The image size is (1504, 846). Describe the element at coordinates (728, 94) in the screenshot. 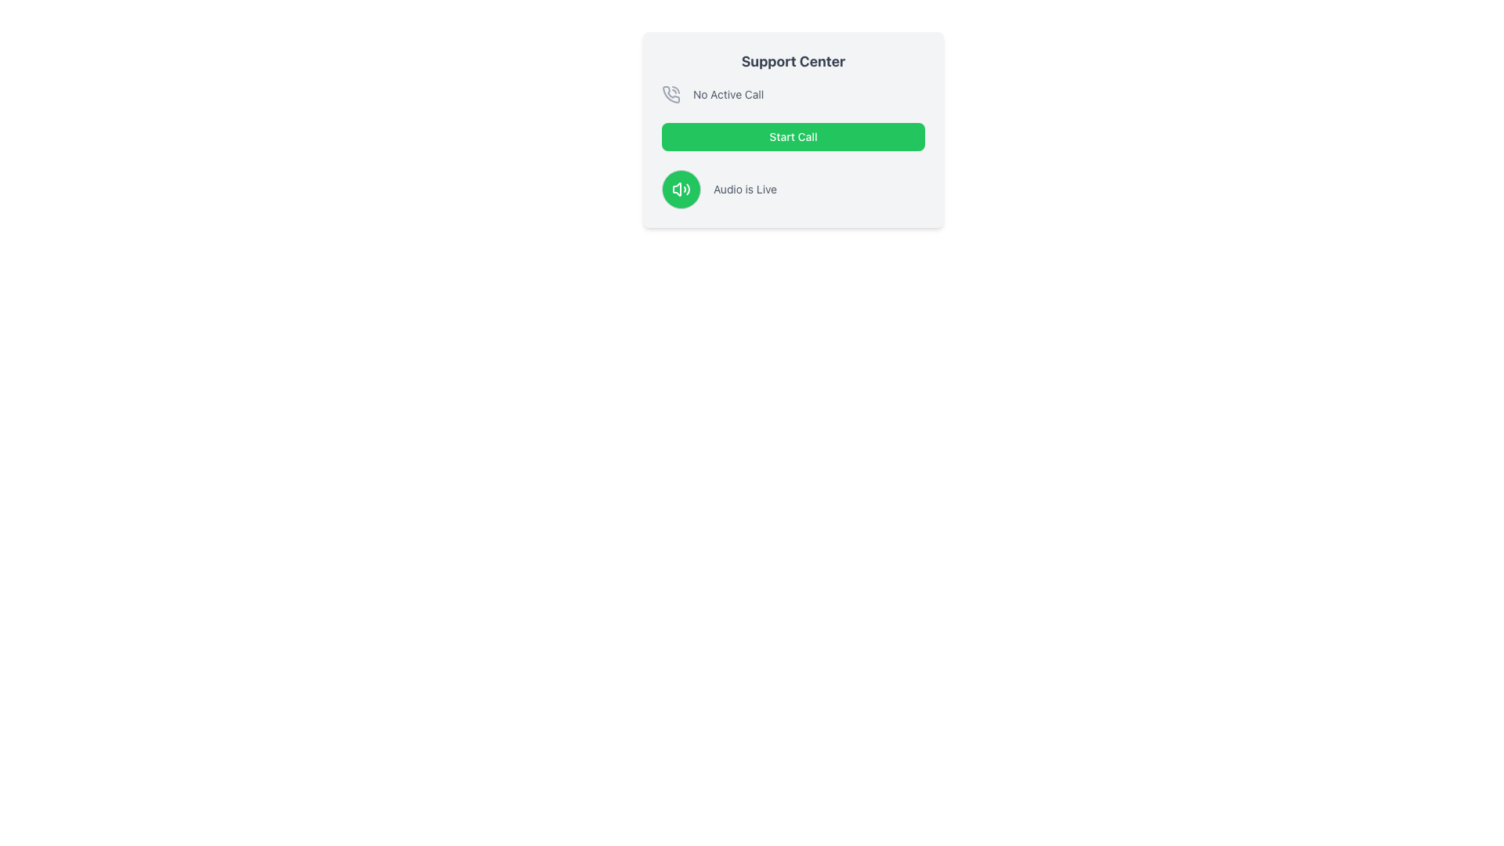

I see `the status indicator Text Label that informs users there are currently no active calls, located to the right of a phone icon and above the 'Start Call' button` at that location.